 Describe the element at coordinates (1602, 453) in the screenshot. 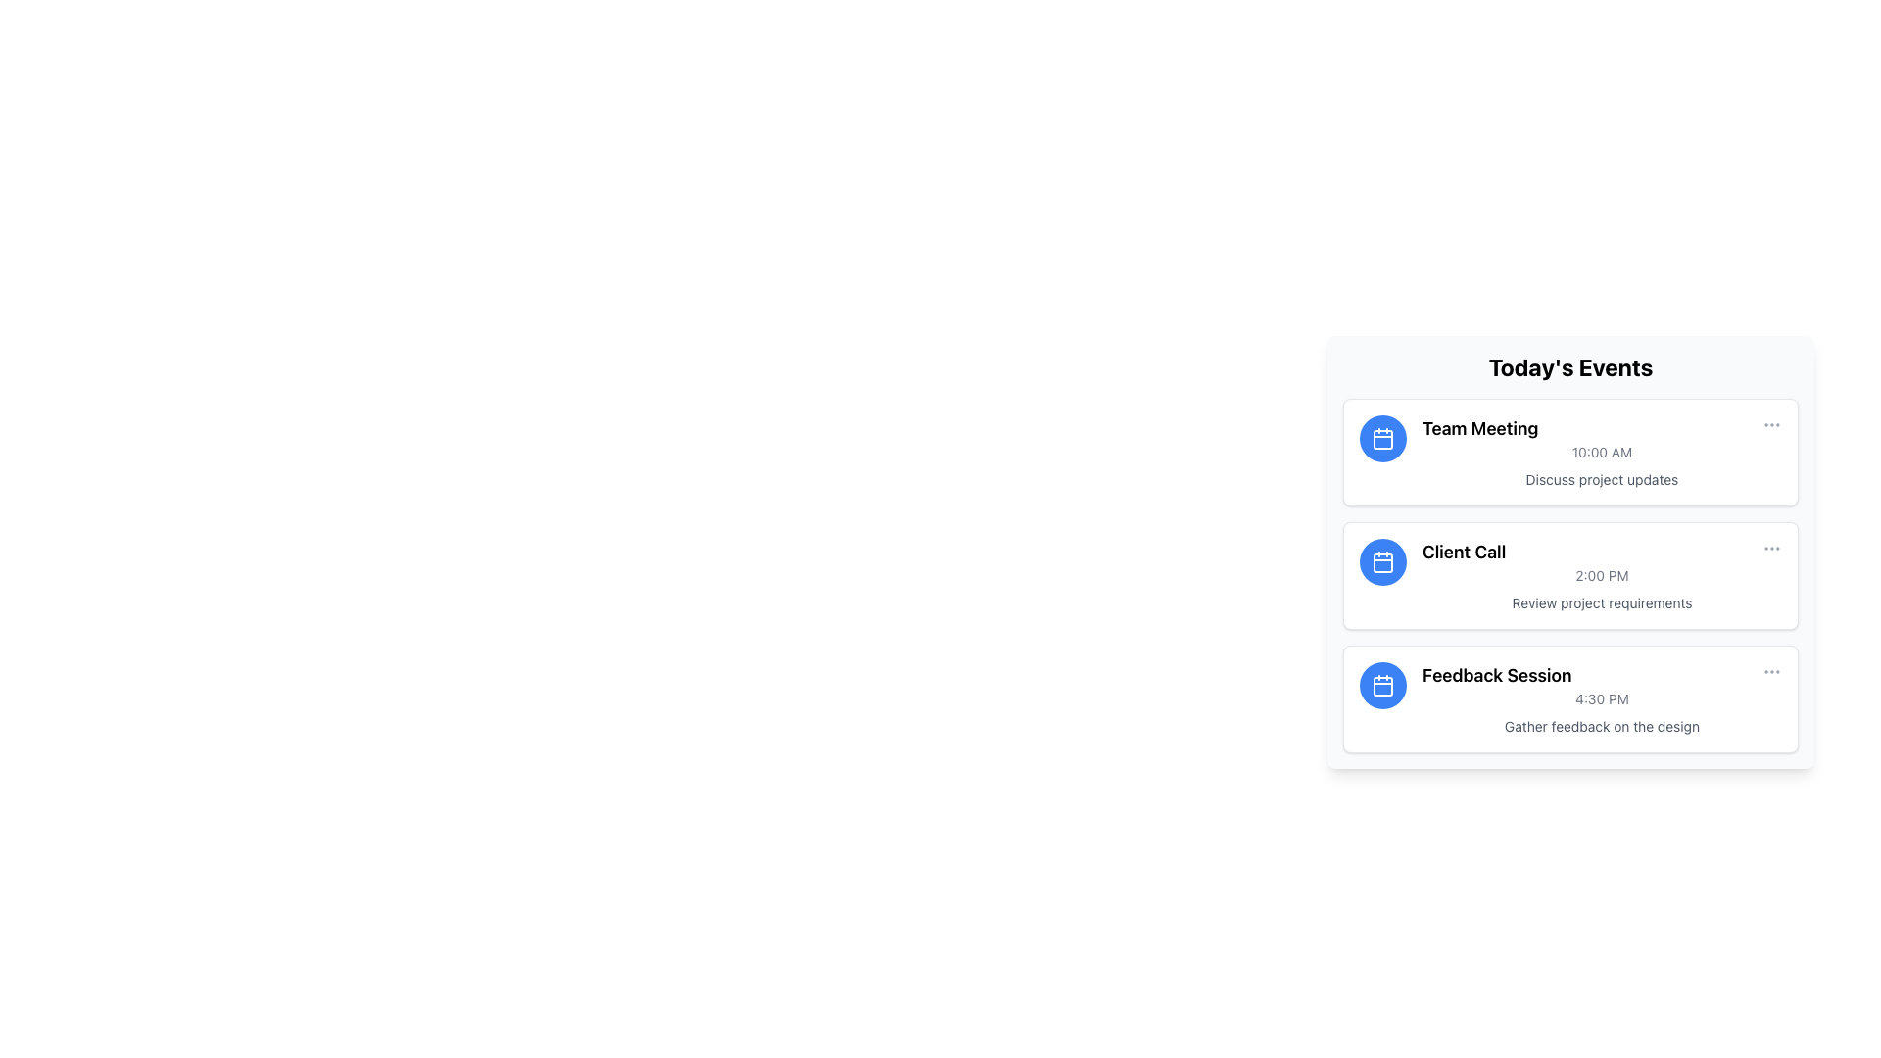

I see `the static text displaying '10:00 AM' which is located underneath the title 'Team Meeting' and above the description 'Discuss project updates' in the 'Today's Events' section` at that location.